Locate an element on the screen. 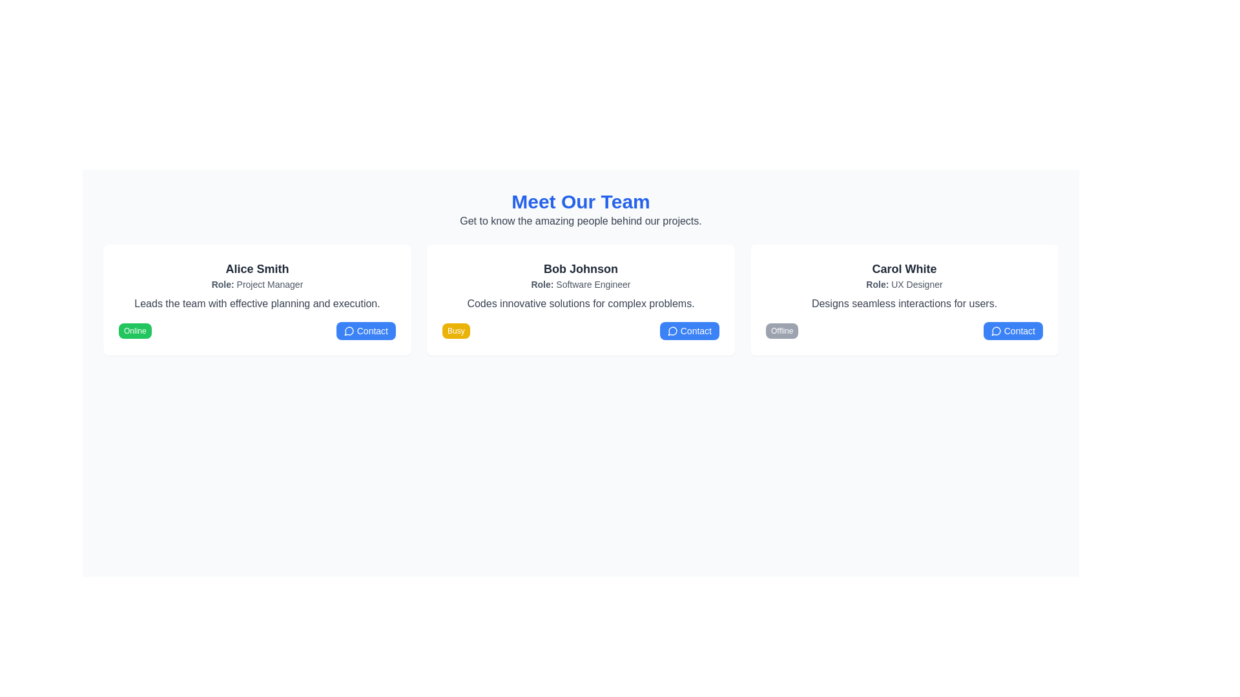 The image size is (1240, 697). the Static text label displaying 'Role:' located under the name 'Alice Smith' in the leftmost card of the team section is located at coordinates (223, 283).